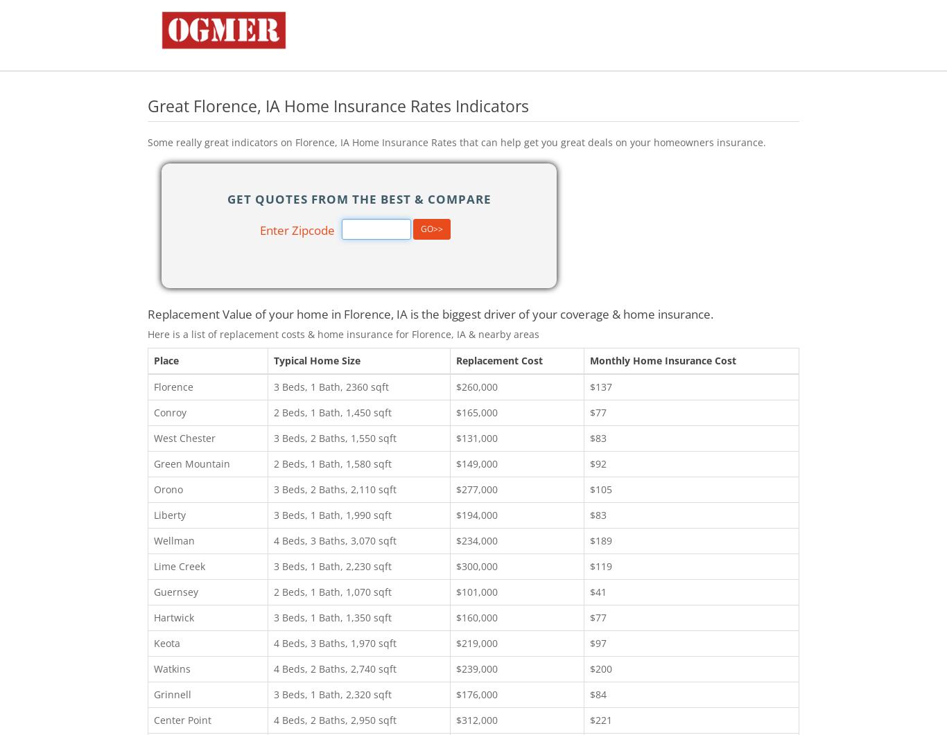 The width and height of the screenshot is (947, 735). Describe the element at coordinates (477, 488) in the screenshot. I see `'$277,000'` at that location.